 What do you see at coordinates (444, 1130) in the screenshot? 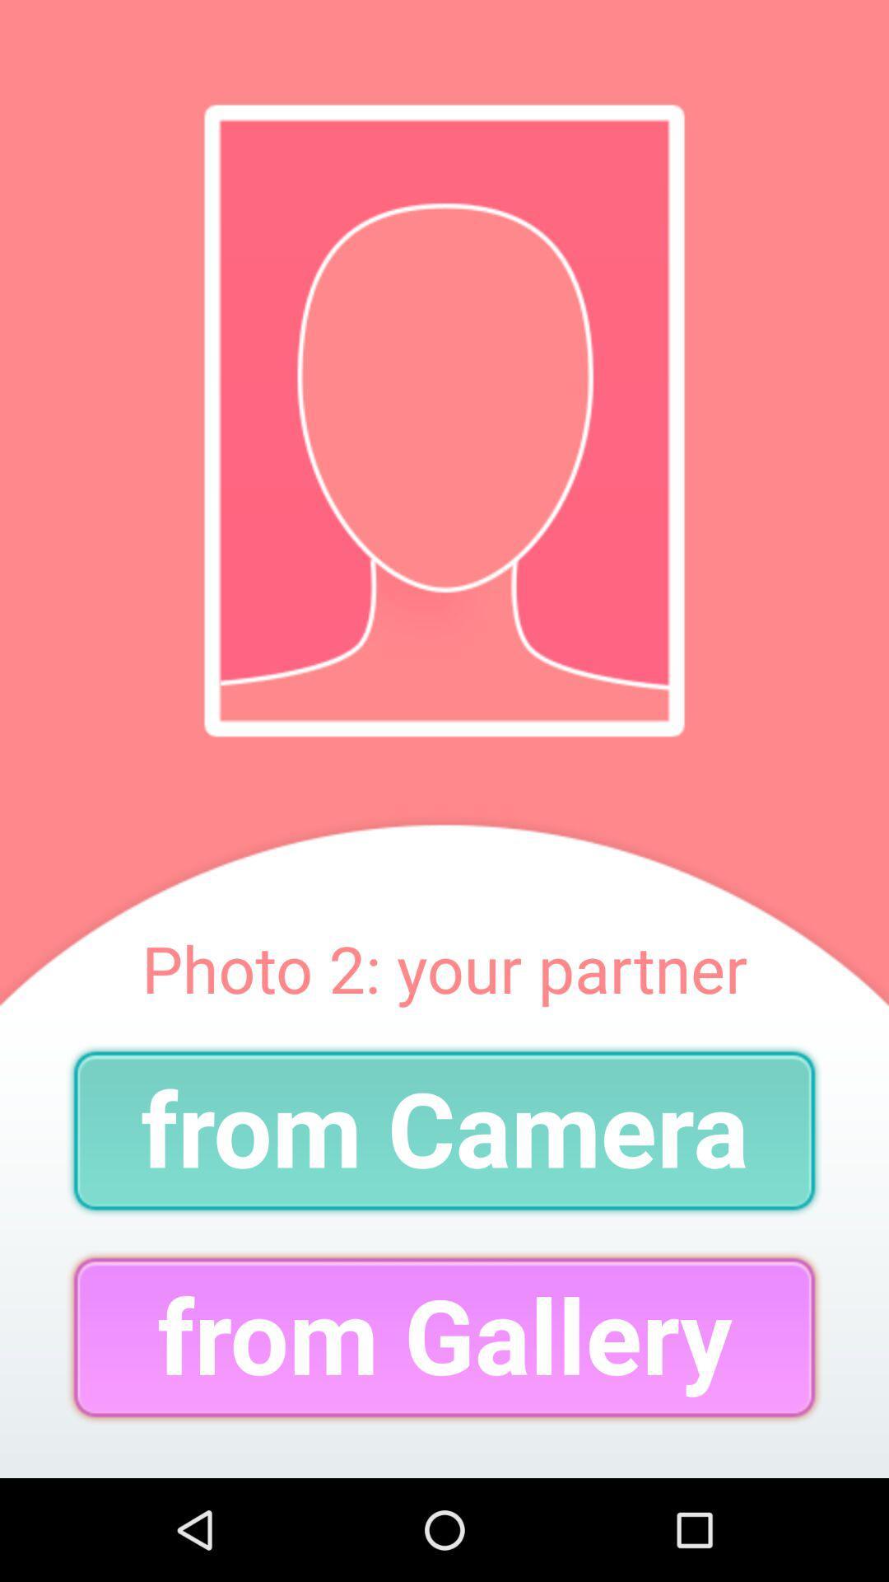
I see `item below the photo 2 your item` at bounding box center [444, 1130].